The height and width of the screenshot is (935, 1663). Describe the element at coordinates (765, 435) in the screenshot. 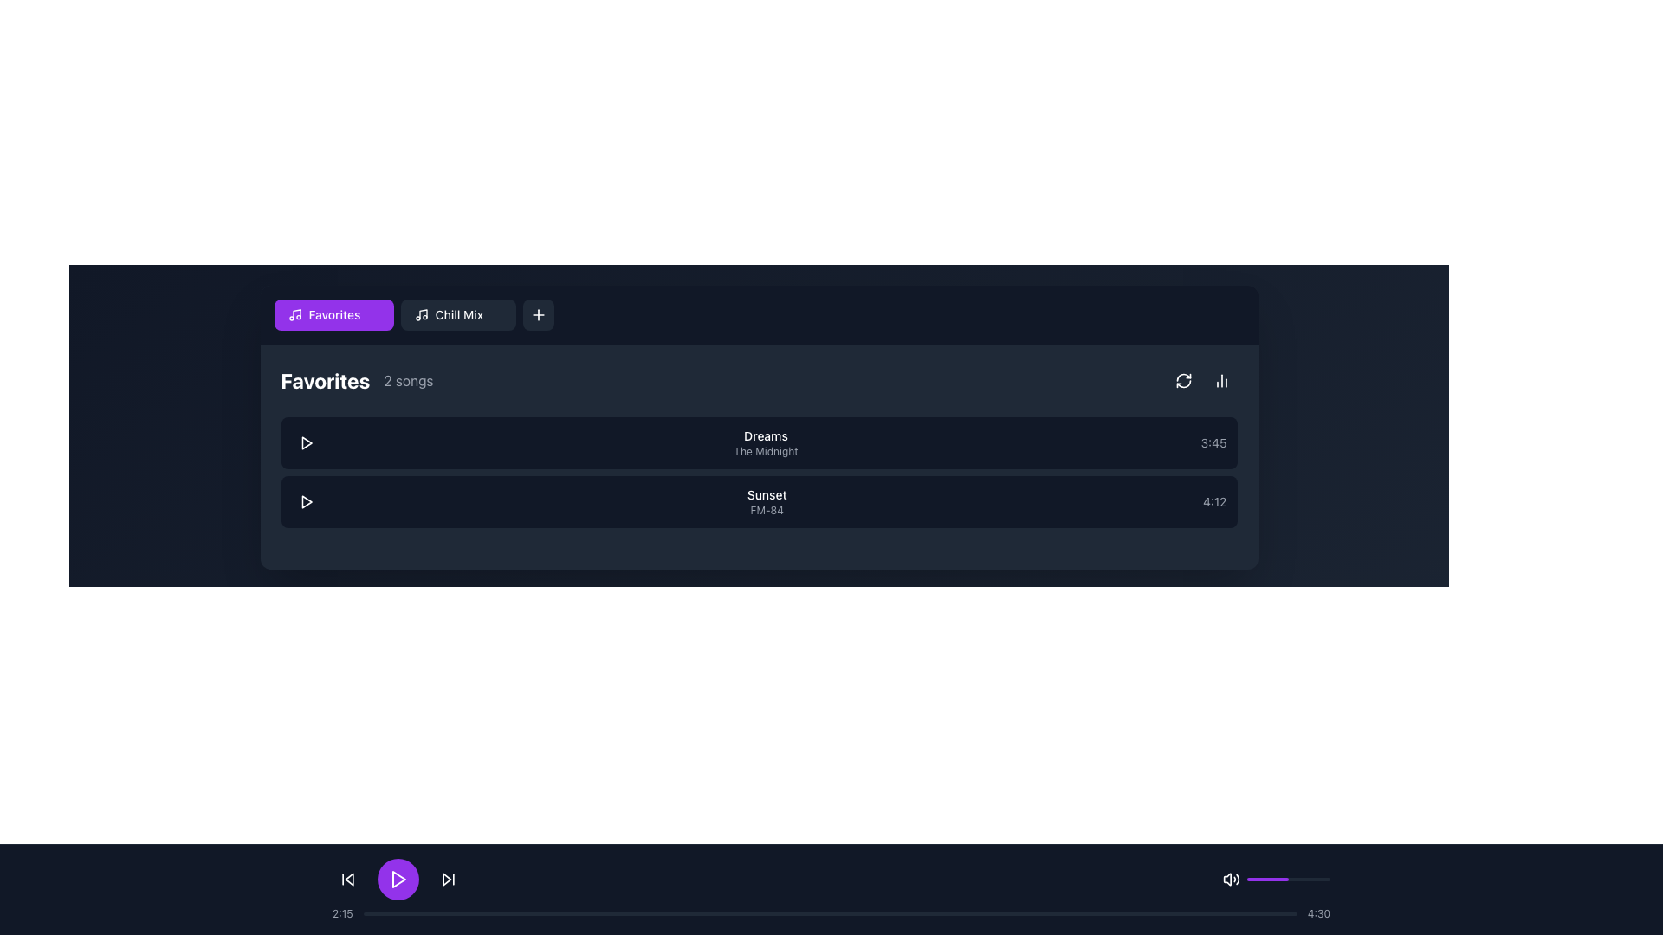

I see `displayed text 'Dreams' from the Text Label, which is styled in medium-weight font and appears above the text 'The Midnight'` at that location.